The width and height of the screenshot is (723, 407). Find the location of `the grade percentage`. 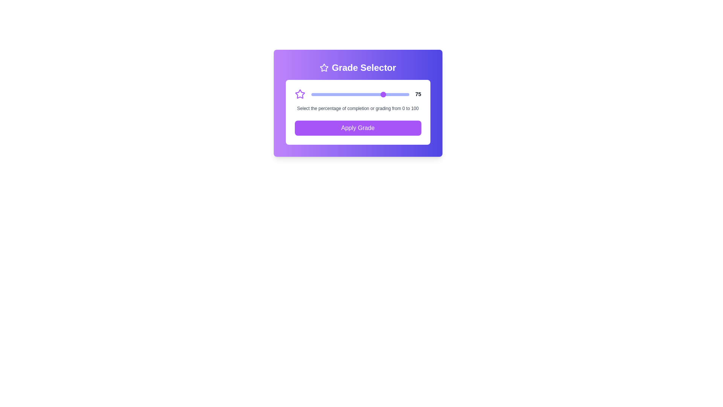

the grade percentage is located at coordinates (384, 94).